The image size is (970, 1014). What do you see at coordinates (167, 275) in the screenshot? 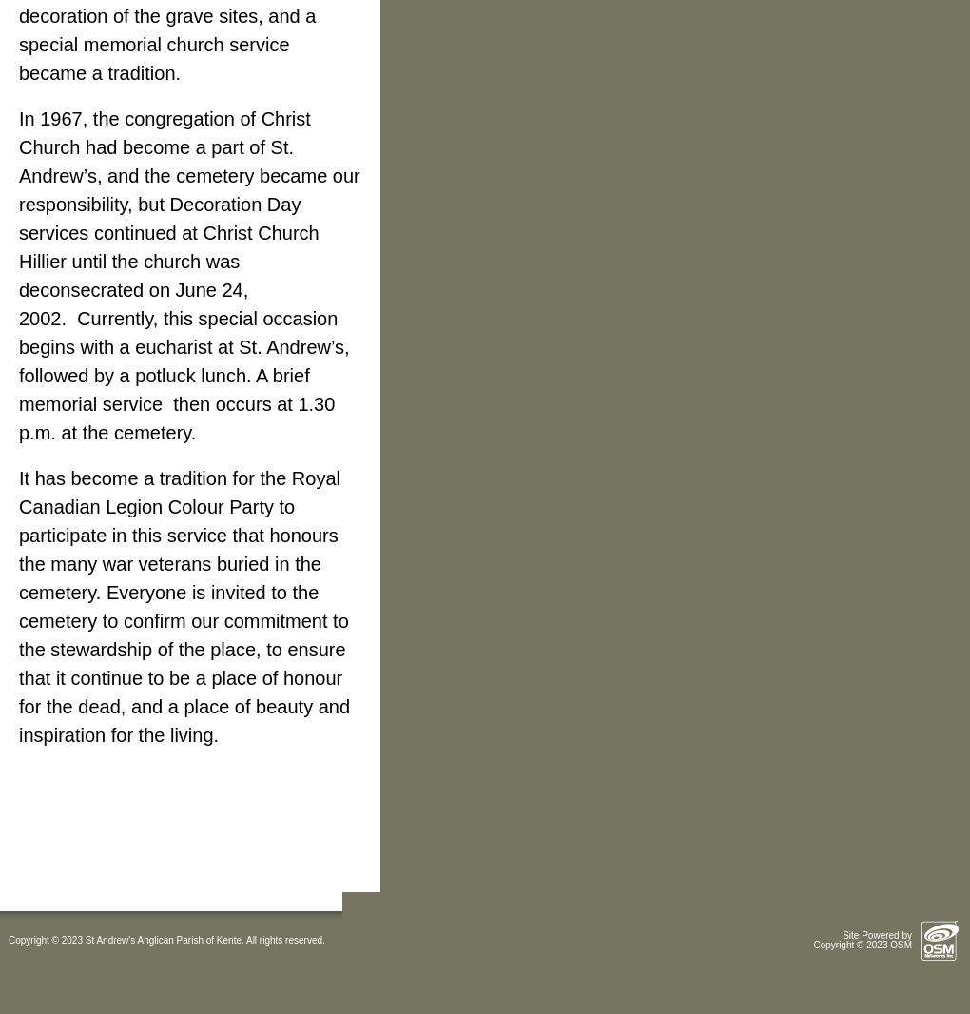
I see `'Christ Church Hillier until the church was deconsecrated on June 24, 2002.'` at bounding box center [167, 275].